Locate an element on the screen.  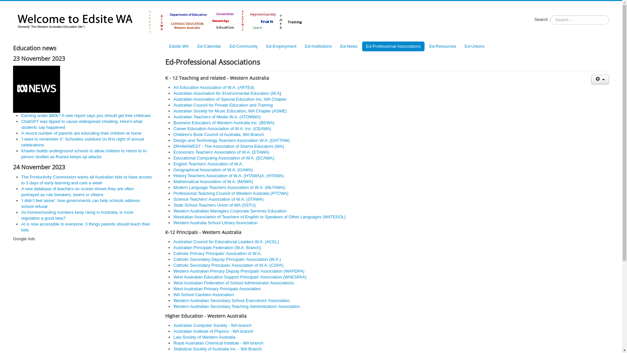
'Edsite WA' is located at coordinates (179, 46).